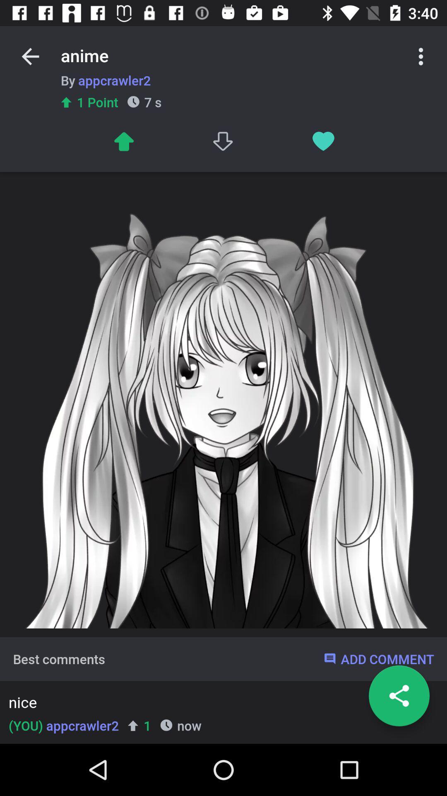 The image size is (447, 796). What do you see at coordinates (123, 141) in the screenshot?
I see `the arrow_upward icon` at bounding box center [123, 141].